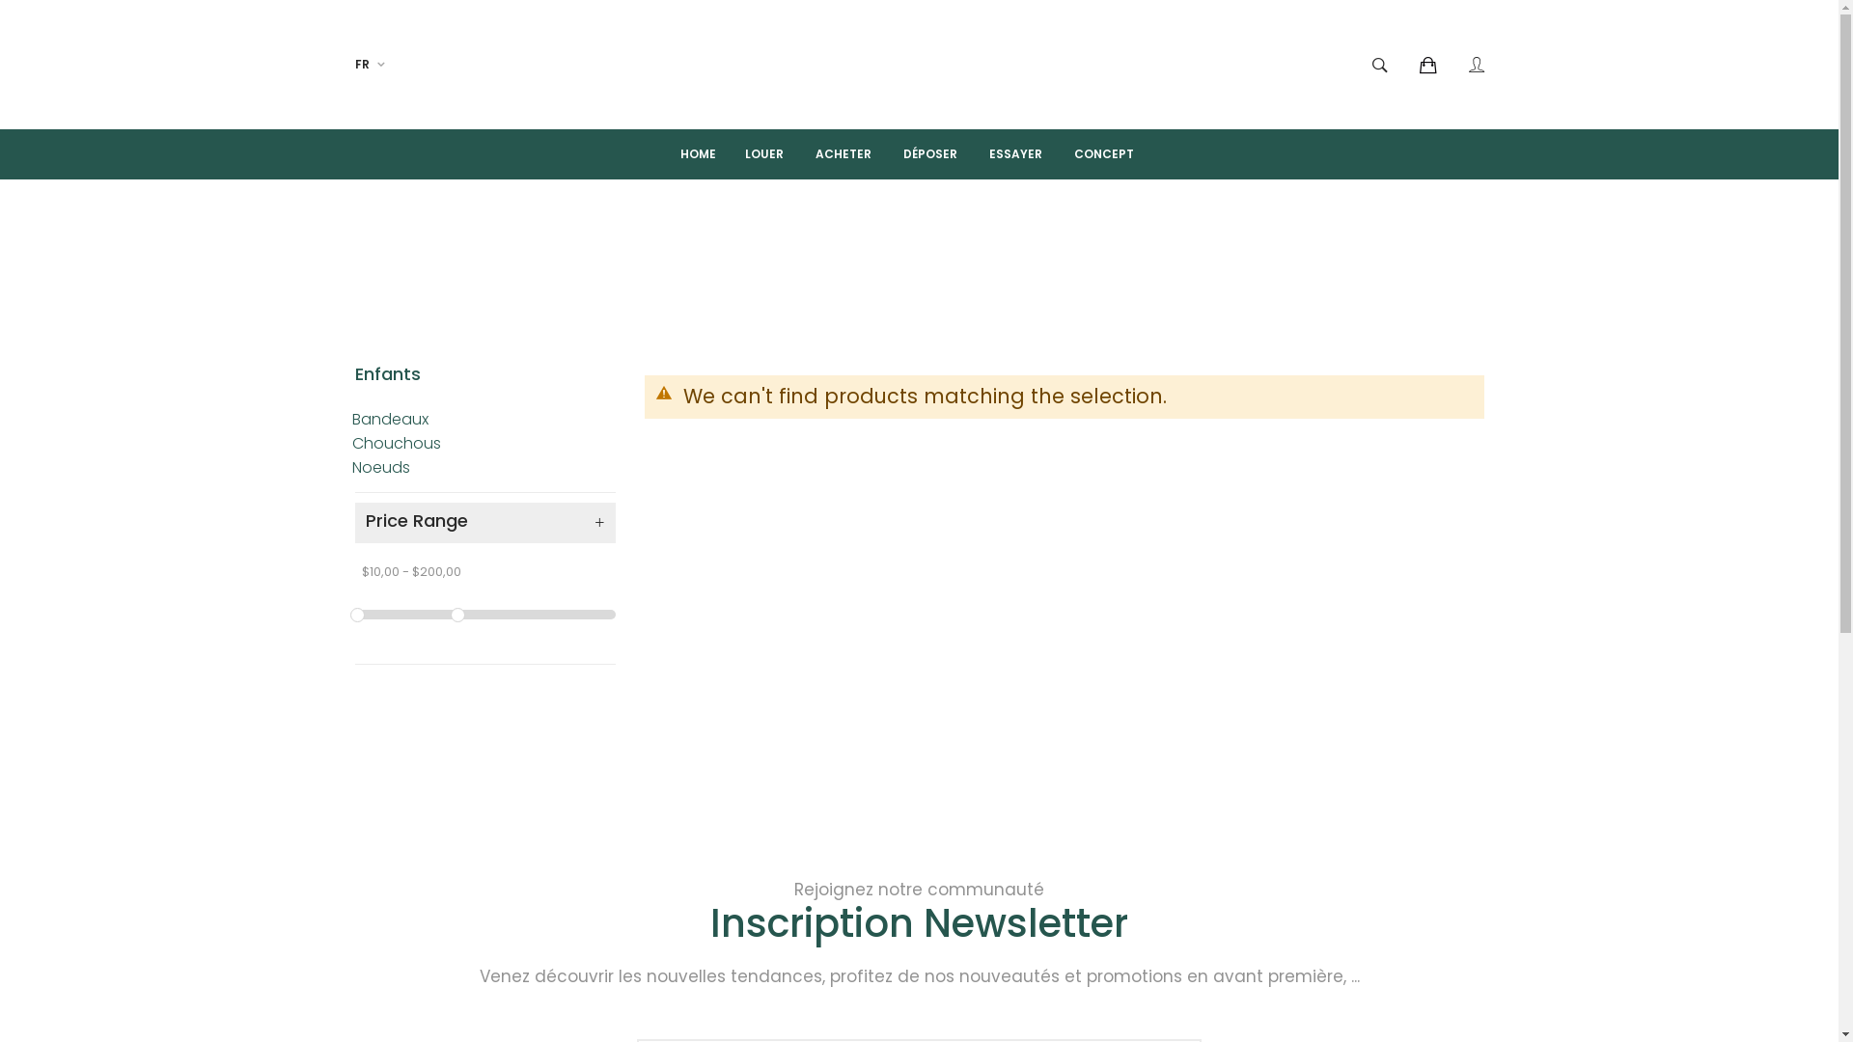 Image resolution: width=1853 pixels, height=1042 pixels. What do you see at coordinates (919, 63) in the screenshot?
I see `'BeCoquette'` at bounding box center [919, 63].